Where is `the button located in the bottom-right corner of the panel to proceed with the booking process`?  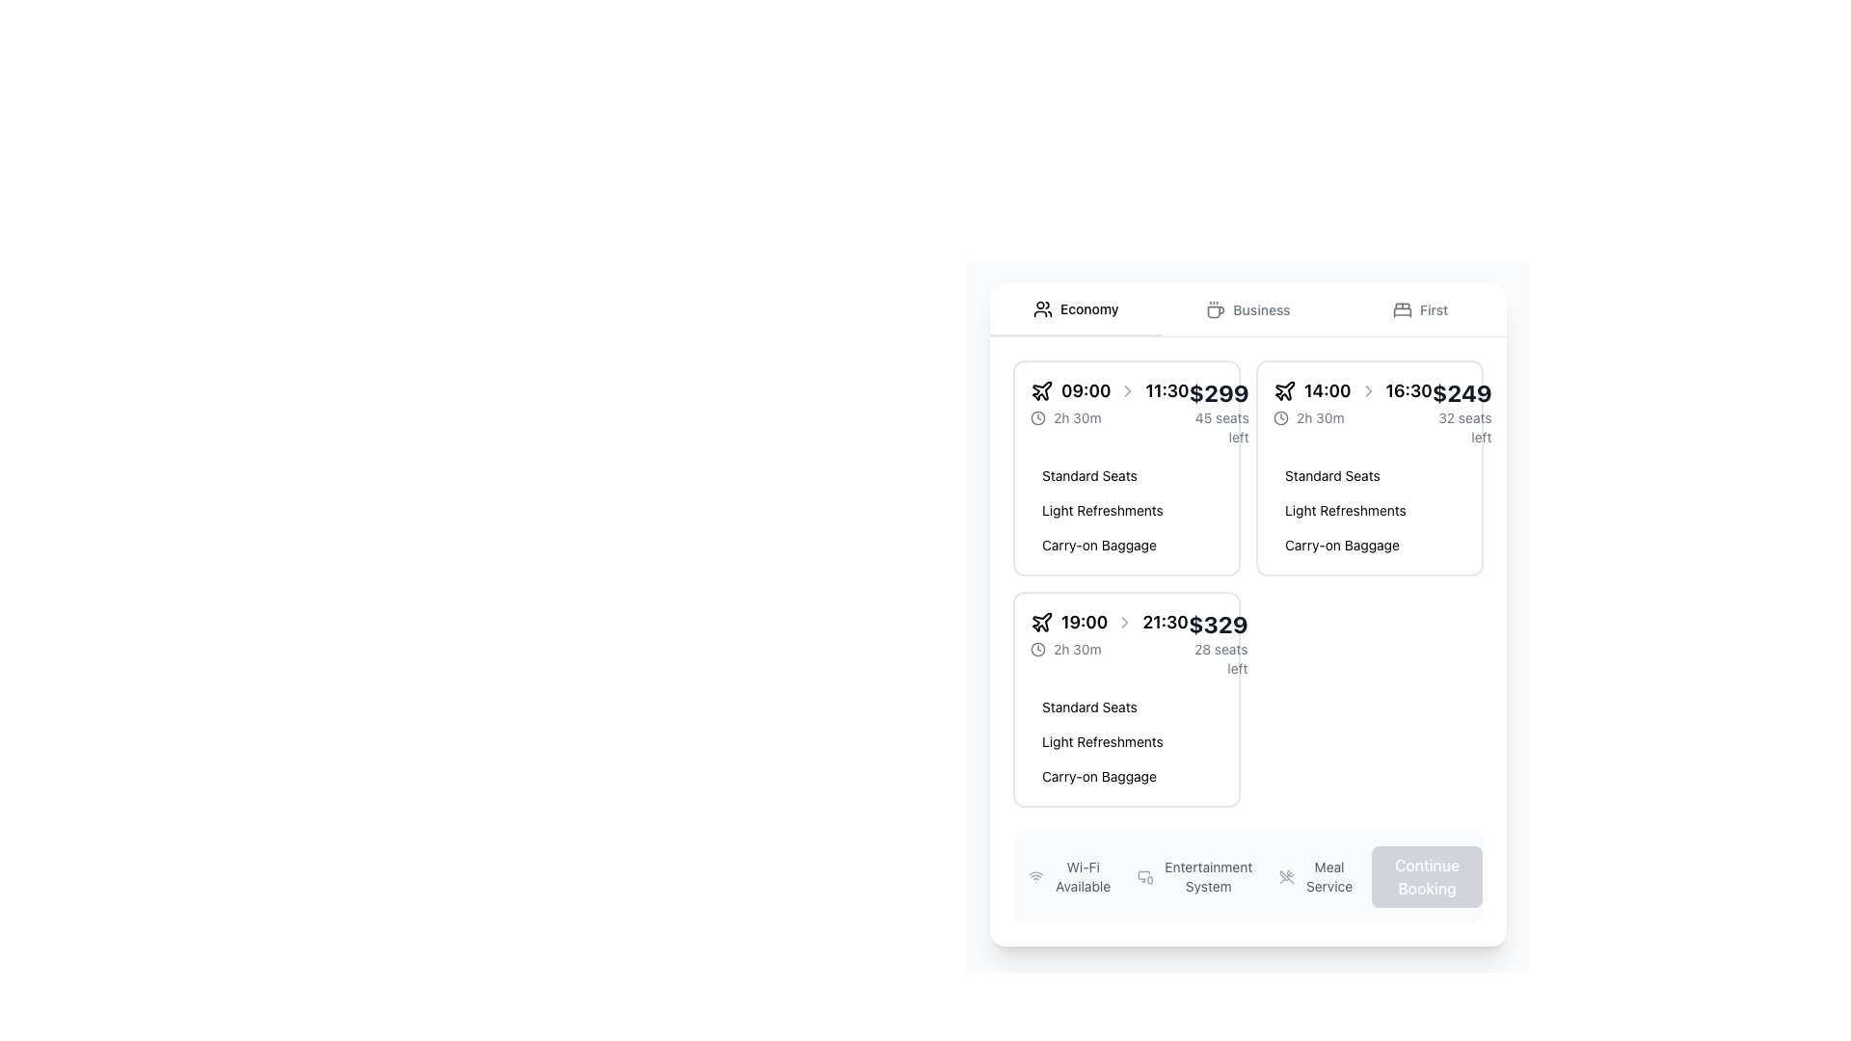 the button located in the bottom-right corner of the panel to proceed with the booking process is located at coordinates (1427, 877).